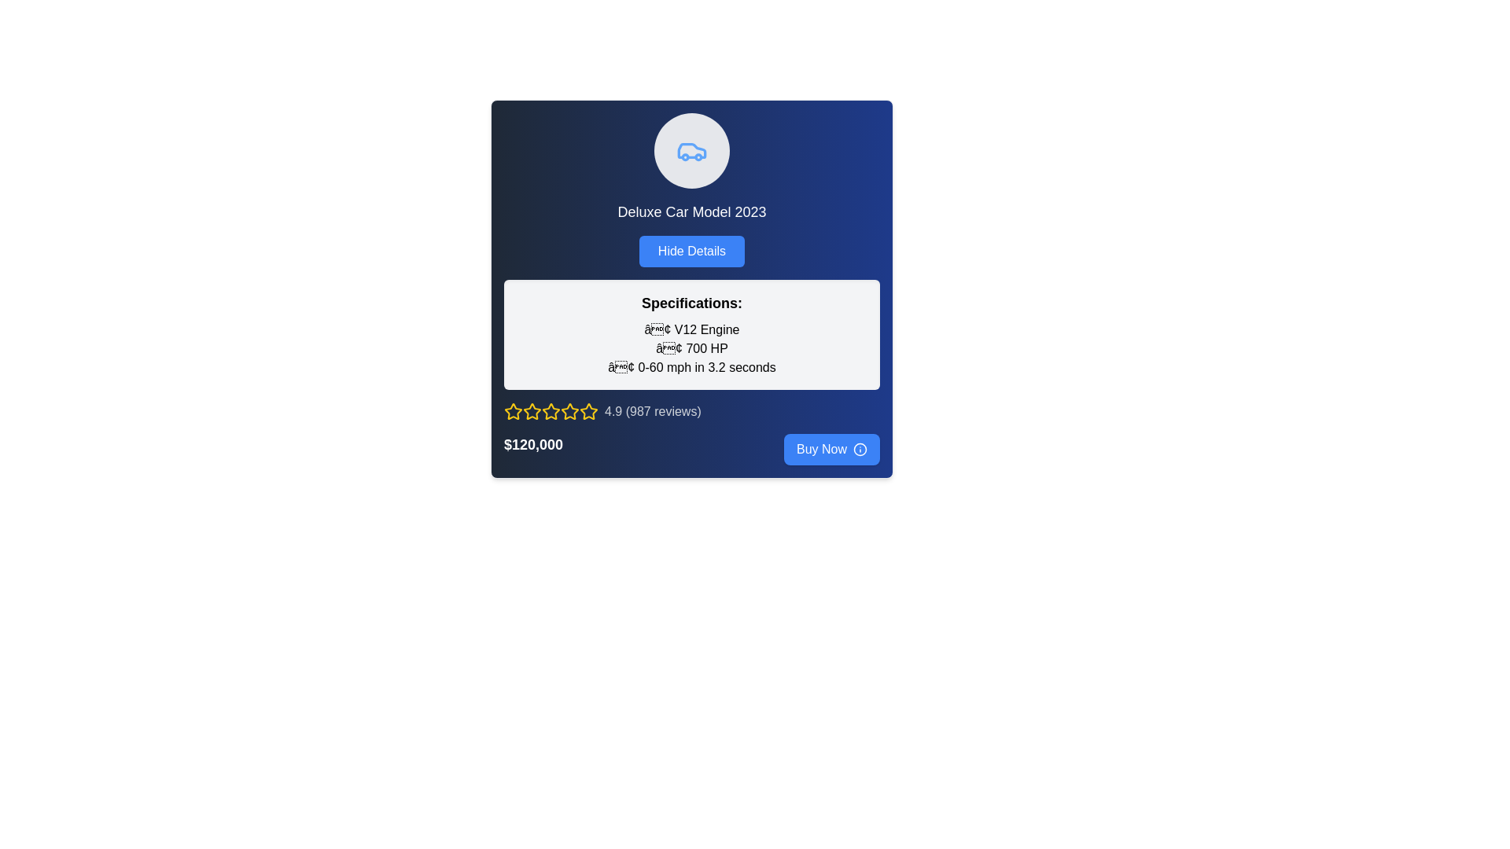 This screenshot has height=849, width=1510. What do you see at coordinates (532, 411) in the screenshot?
I see `the third star icon in the row of five stars, which represents a rating feature, located slightly below the center of the card component` at bounding box center [532, 411].